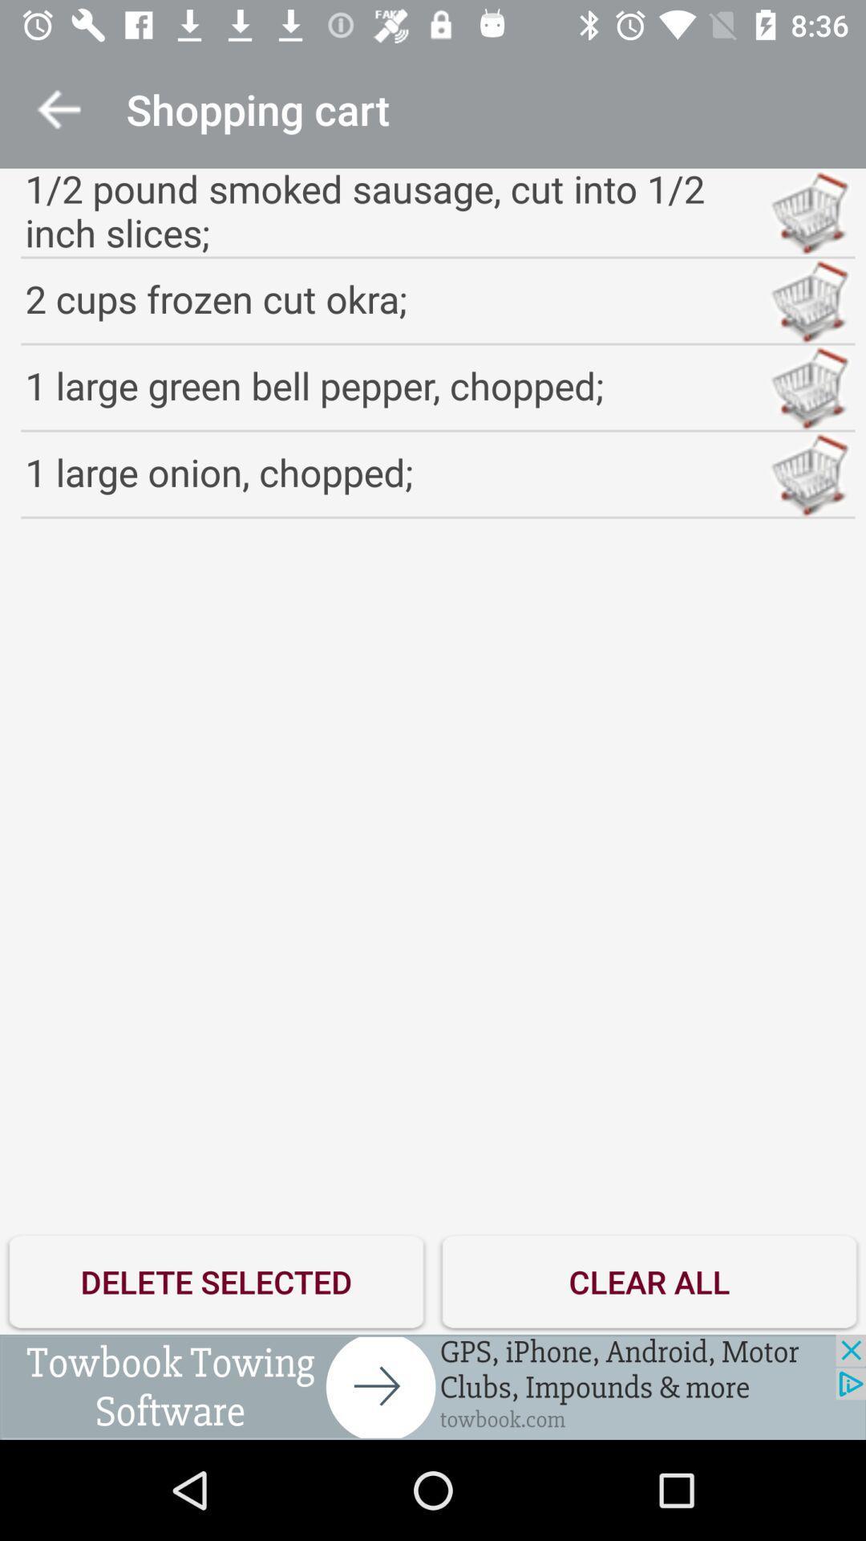 This screenshot has width=866, height=1541. What do you see at coordinates (433, 1386) in the screenshot?
I see `open advertisement` at bounding box center [433, 1386].